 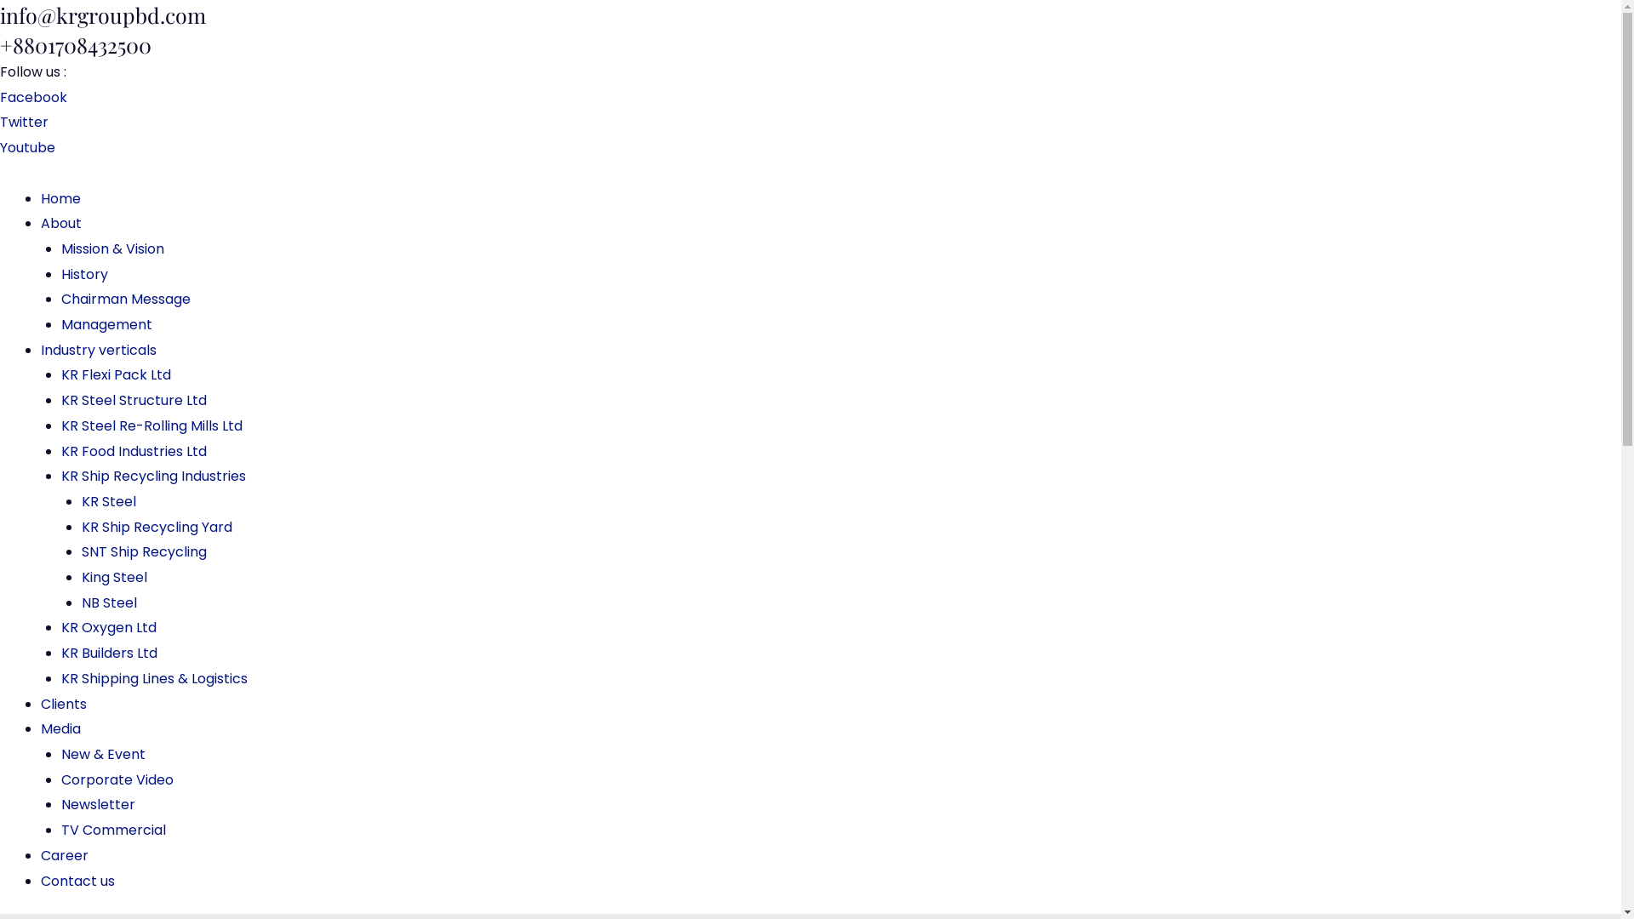 What do you see at coordinates (108, 652) in the screenshot?
I see `'KR Builders Ltd'` at bounding box center [108, 652].